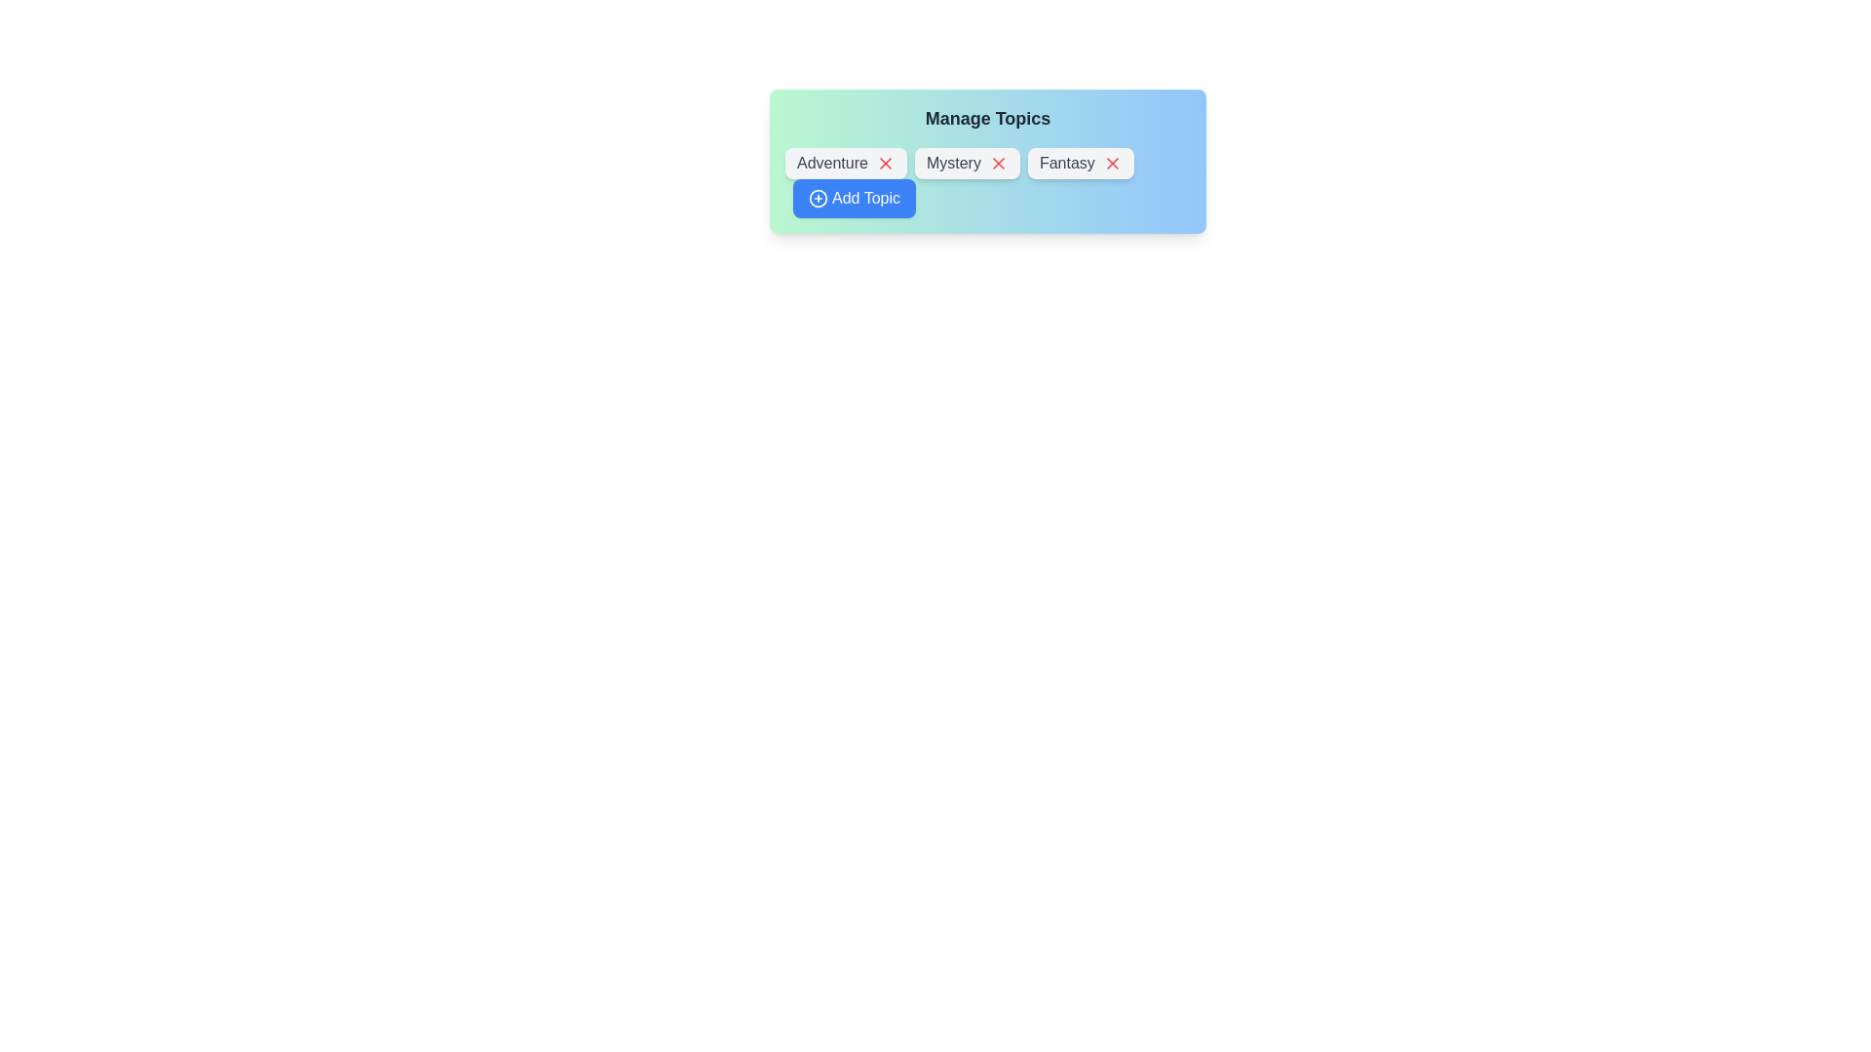 This screenshot has width=1871, height=1052. Describe the element at coordinates (987, 533) in the screenshot. I see `the background area of the ChipManager component` at that location.